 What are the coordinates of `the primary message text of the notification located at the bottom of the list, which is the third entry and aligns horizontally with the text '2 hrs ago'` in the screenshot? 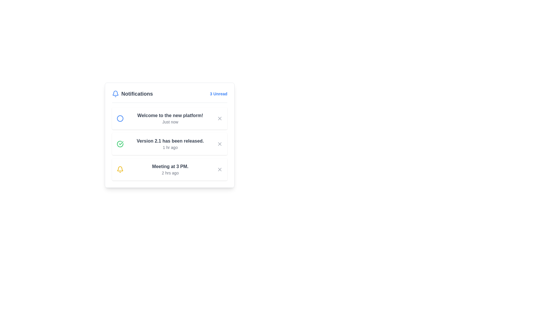 It's located at (170, 166).